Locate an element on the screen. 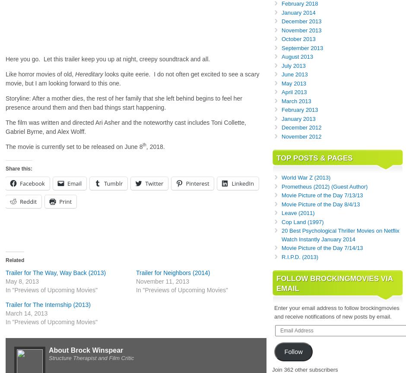  'Storyline: After a mother dies, the rest of her family that she left behind begins to feel her presence around them and then bad things start happening.' is located at coordinates (5, 102).